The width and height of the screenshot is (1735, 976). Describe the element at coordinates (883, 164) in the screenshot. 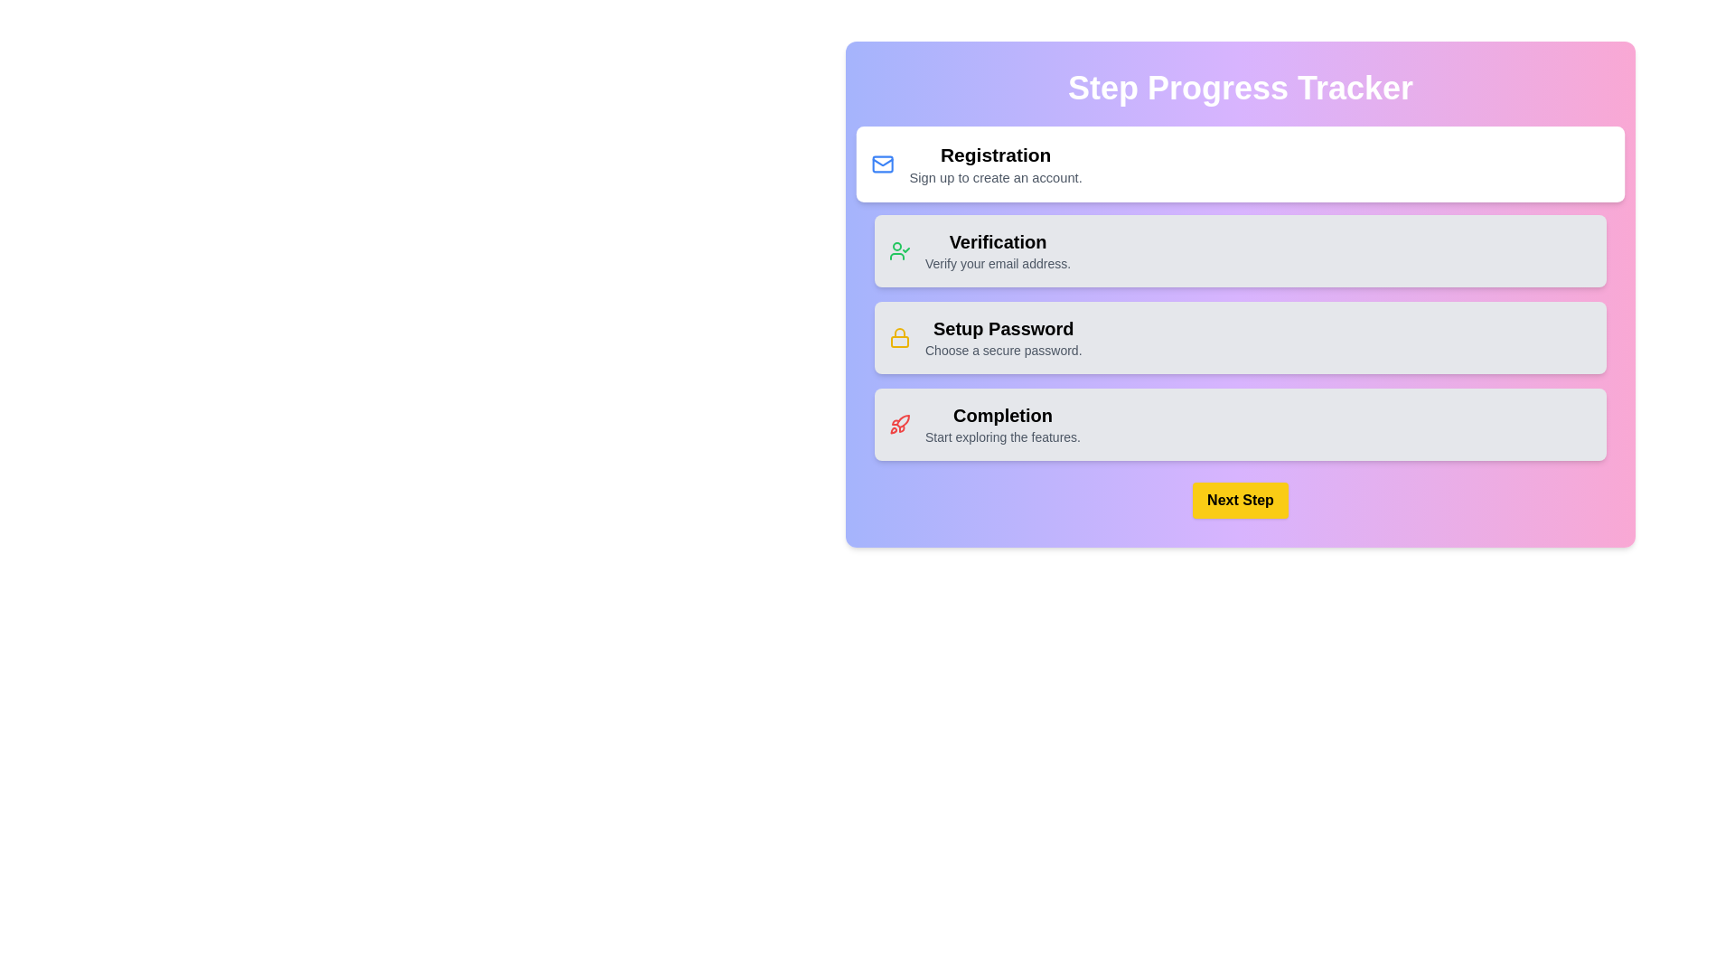

I see `the blue envelope icon with an open design located at the top left of the 'Registration' section of the step tracker component` at that location.